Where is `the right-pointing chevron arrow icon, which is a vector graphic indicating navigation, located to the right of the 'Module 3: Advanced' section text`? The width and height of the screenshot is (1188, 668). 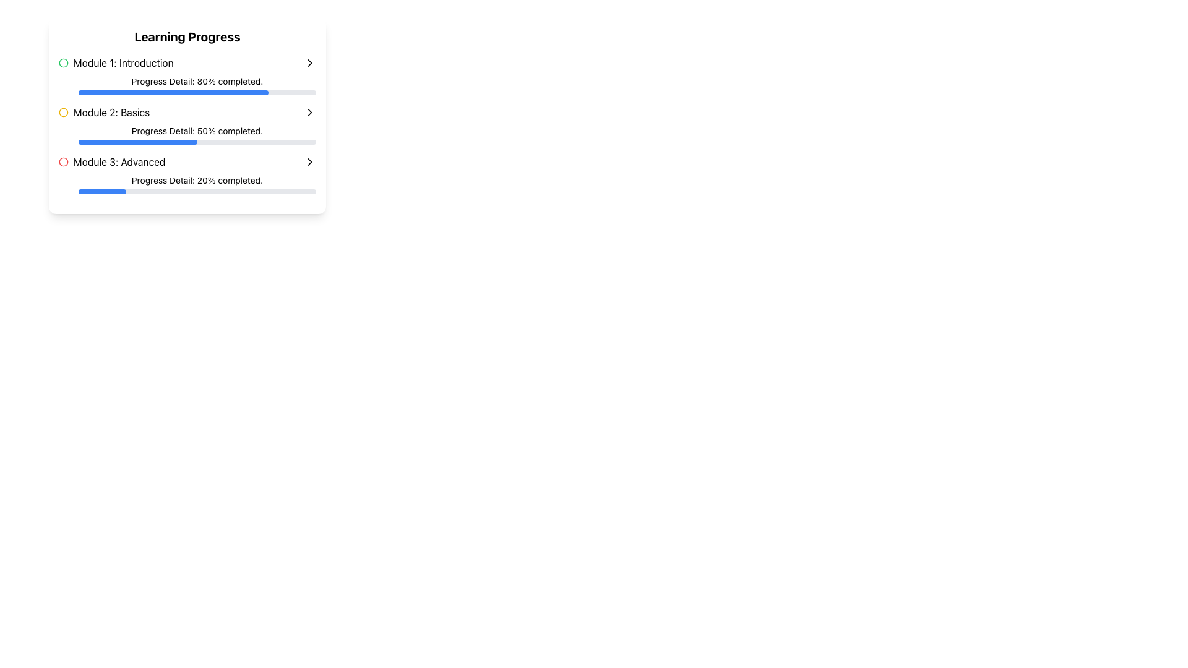
the right-pointing chevron arrow icon, which is a vector graphic indicating navigation, located to the right of the 'Module 3: Advanced' section text is located at coordinates (309, 161).